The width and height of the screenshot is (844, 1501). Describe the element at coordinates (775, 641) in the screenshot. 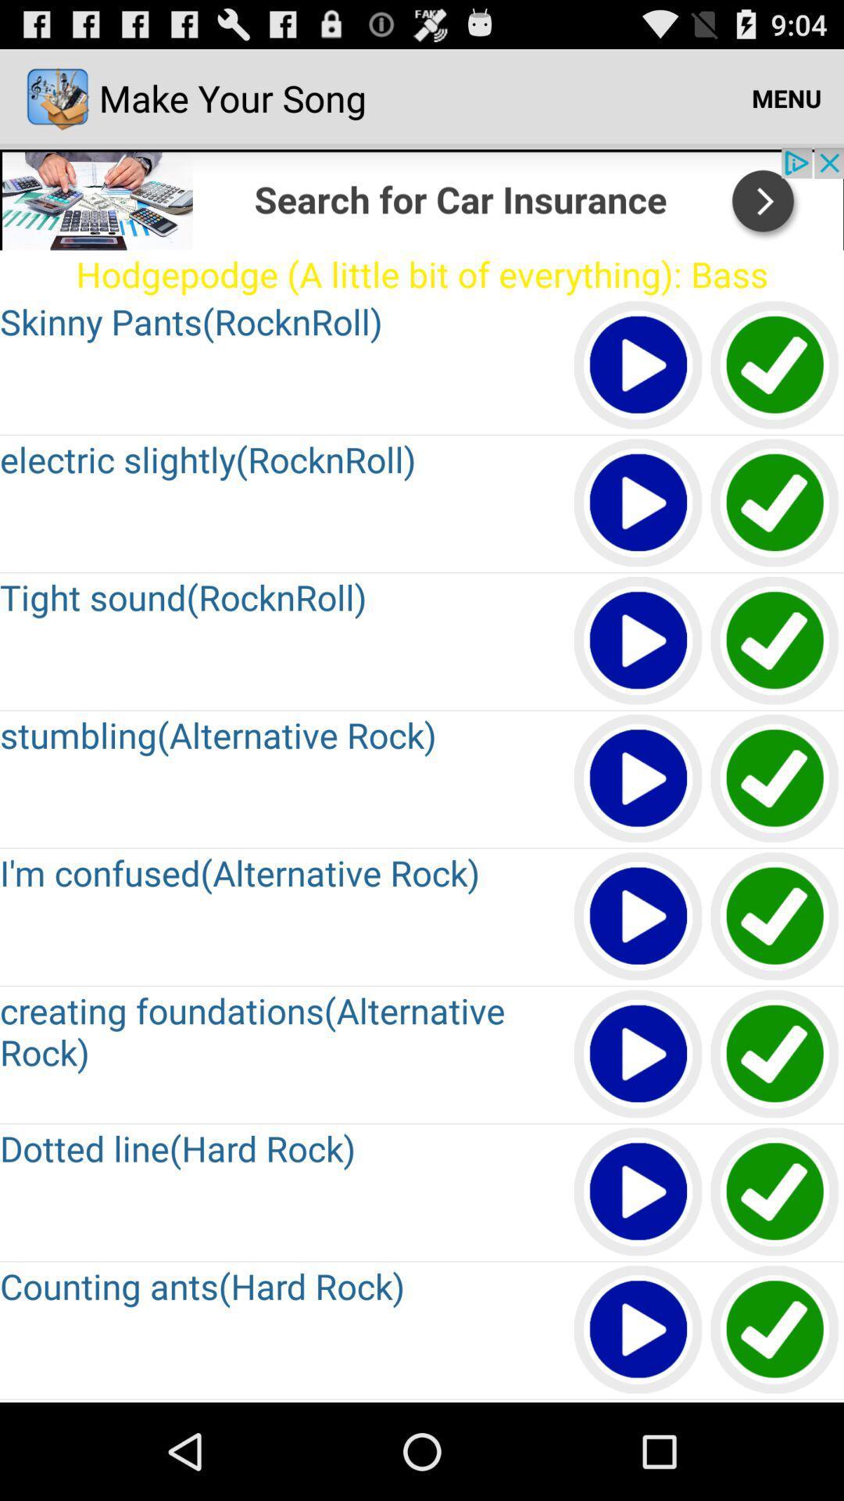

I see `sound clip` at that location.